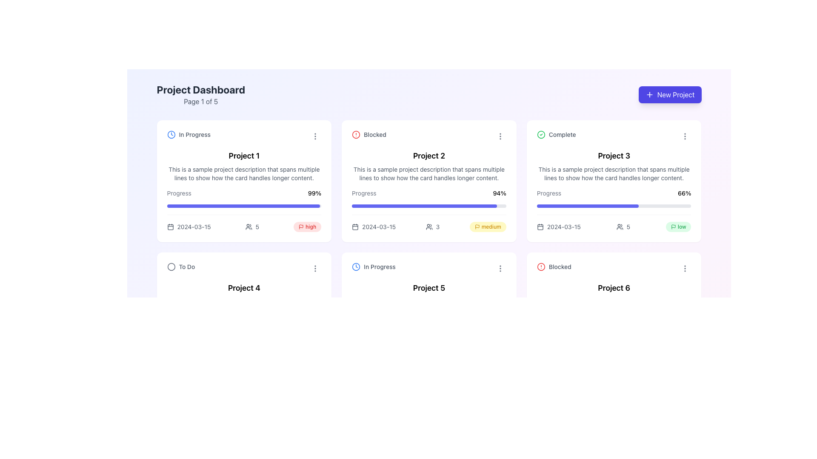 This screenshot has width=817, height=459. I want to click on the date value '2024-03-15' displayed in greyish tone, styled with class 'text-sm' in the leftmost project card of the dashboard interface, so click(194, 226).